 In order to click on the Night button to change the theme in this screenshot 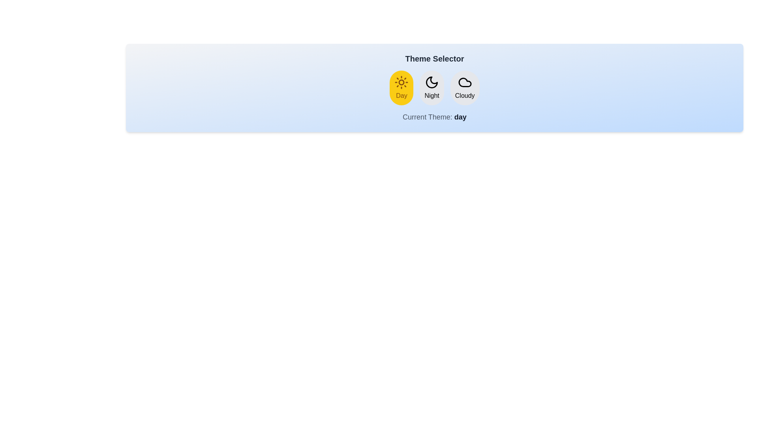, I will do `click(432, 88)`.